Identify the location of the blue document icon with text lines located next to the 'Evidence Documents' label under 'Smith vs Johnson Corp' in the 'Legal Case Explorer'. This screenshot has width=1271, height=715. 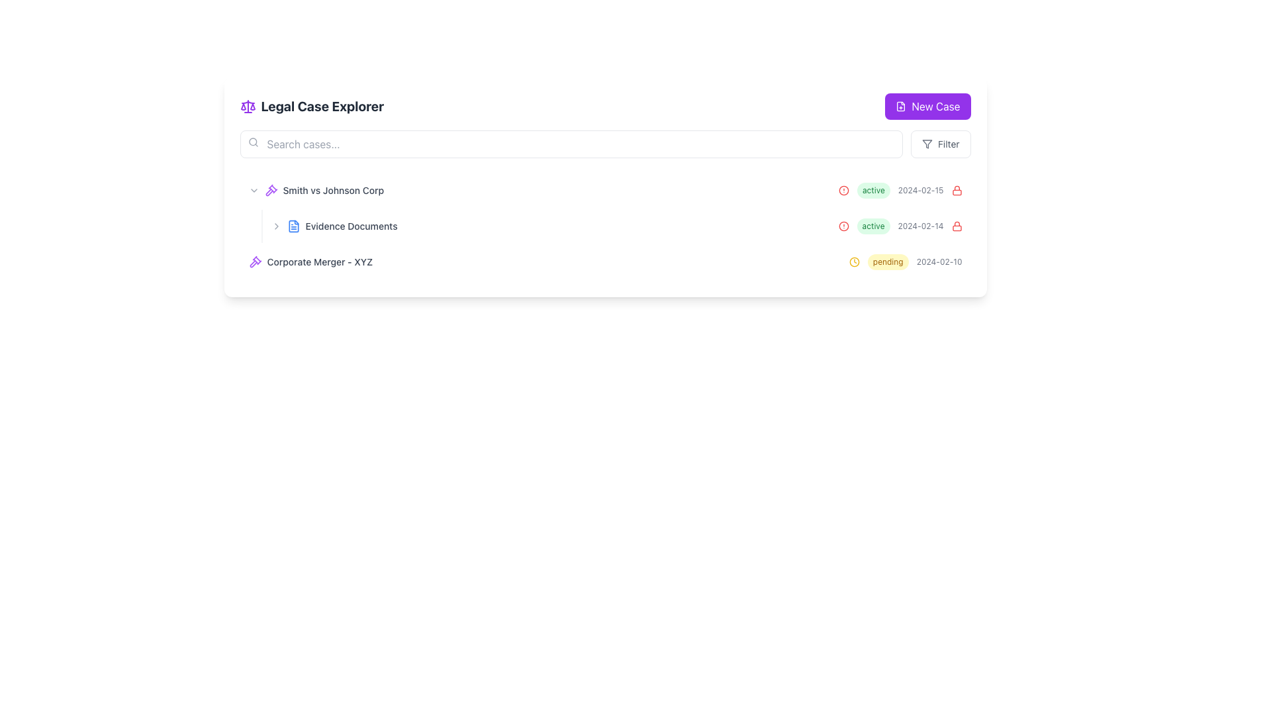
(293, 226).